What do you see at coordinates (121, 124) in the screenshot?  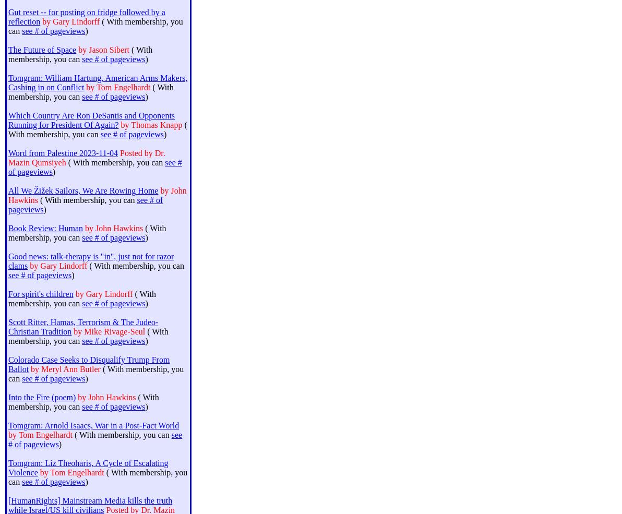 I see `'by Thomas Knapp'` at bounding box center [121, 124].